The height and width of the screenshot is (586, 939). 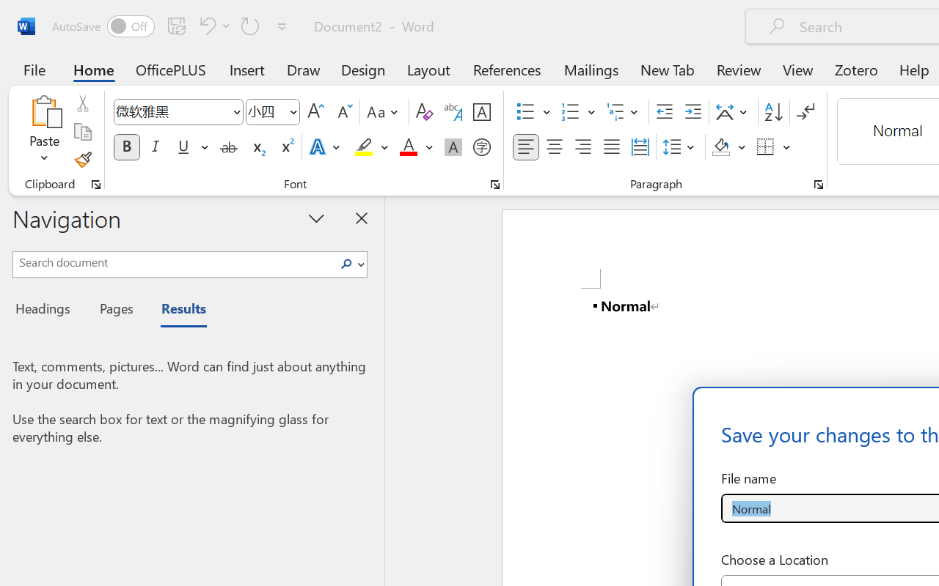 I want to click on 'Align Left', so click(x=525, y=147).